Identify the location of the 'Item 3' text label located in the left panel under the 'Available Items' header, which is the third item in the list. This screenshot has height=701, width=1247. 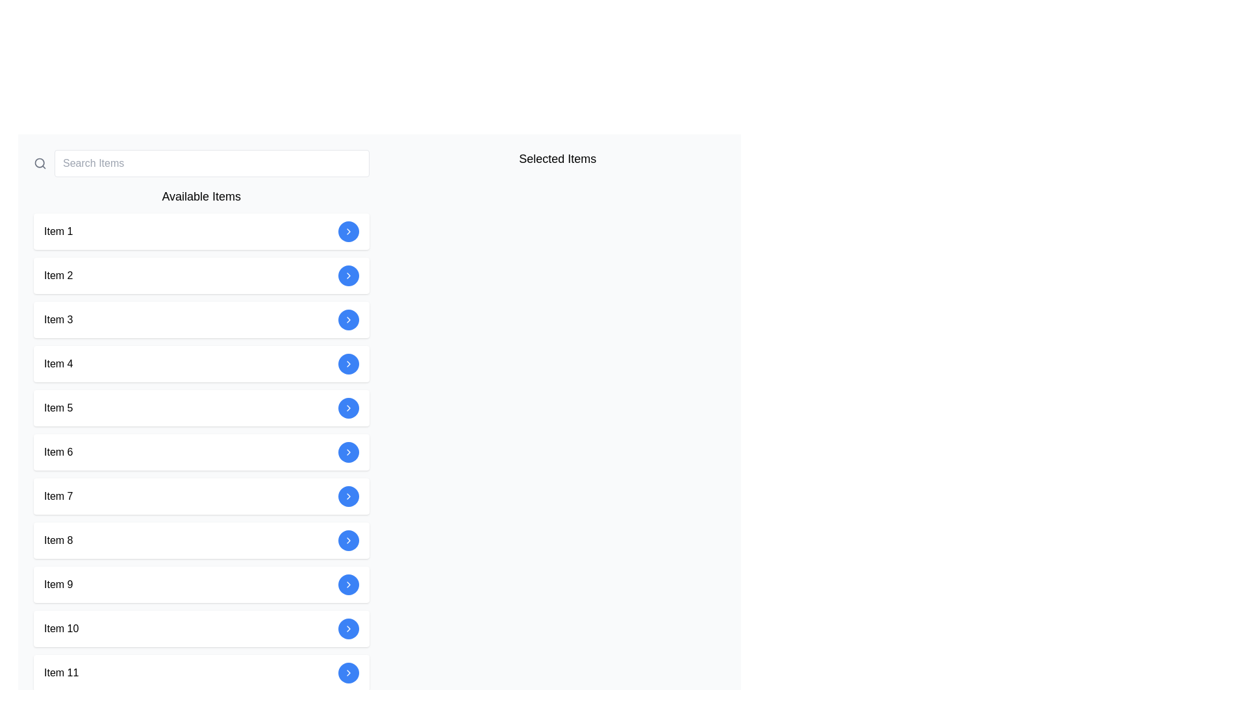
(58, 320).